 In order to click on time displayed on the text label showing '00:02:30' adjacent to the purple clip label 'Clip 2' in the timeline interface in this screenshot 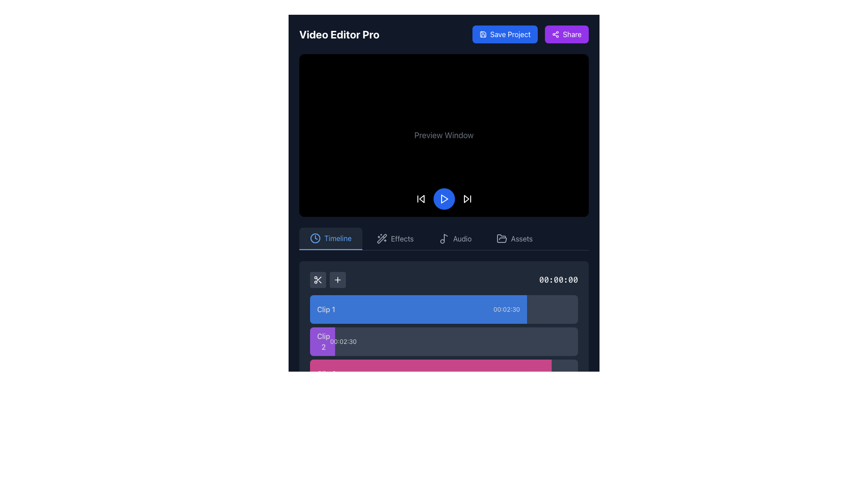, I will do `click(343, 341)`.